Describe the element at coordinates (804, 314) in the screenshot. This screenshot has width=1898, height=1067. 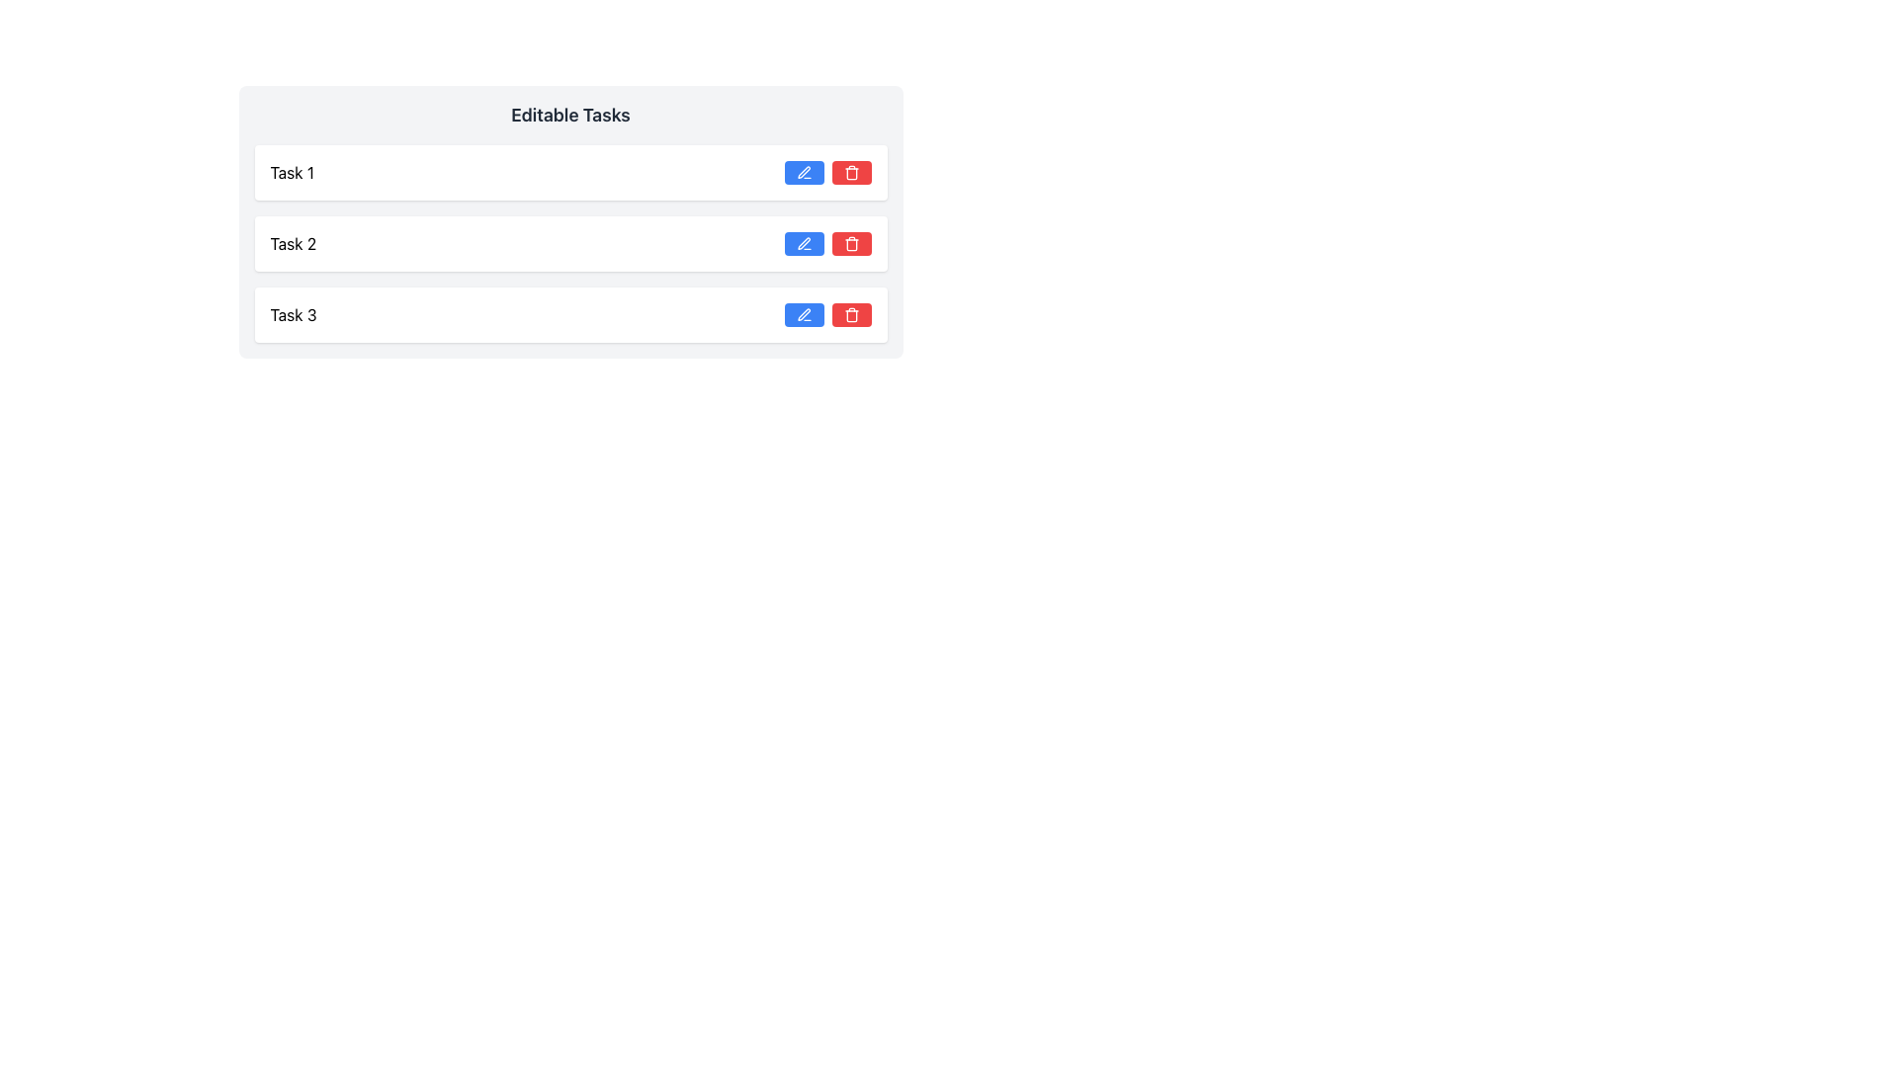
I see `the edit button located in the right-hand section of the task details row` at that location.